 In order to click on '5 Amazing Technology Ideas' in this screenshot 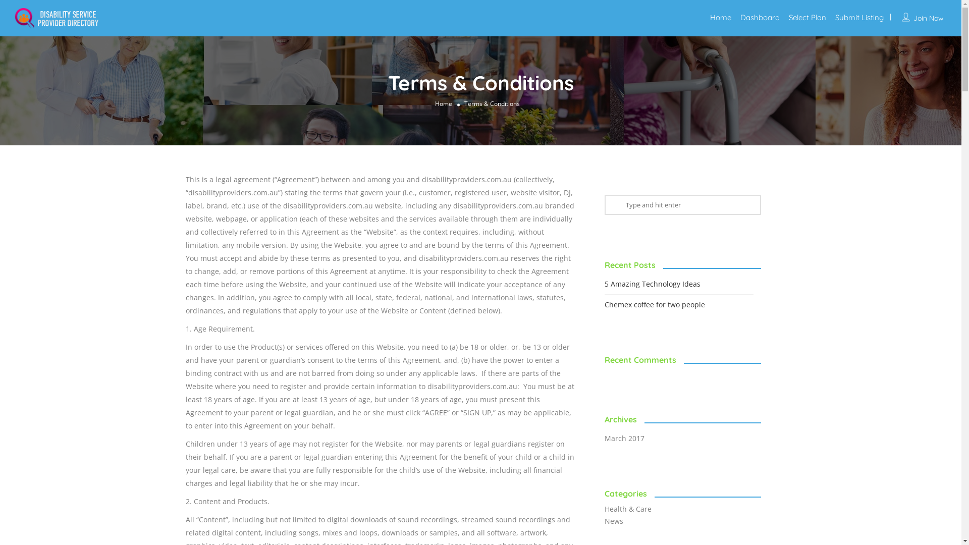, I will do `click(657, 284)`.